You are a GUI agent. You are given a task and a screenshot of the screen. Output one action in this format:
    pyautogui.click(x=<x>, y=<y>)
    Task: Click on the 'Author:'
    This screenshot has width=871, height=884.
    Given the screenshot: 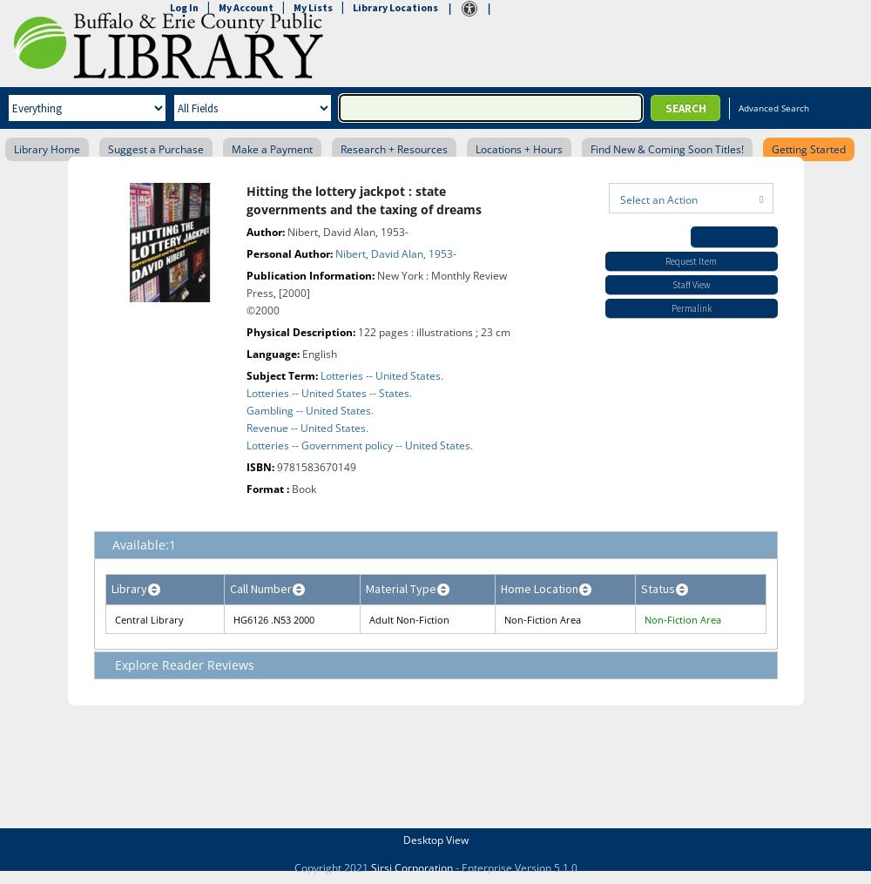 What is the action you would take?
    pyautogui.click(x=266, y=232)
    